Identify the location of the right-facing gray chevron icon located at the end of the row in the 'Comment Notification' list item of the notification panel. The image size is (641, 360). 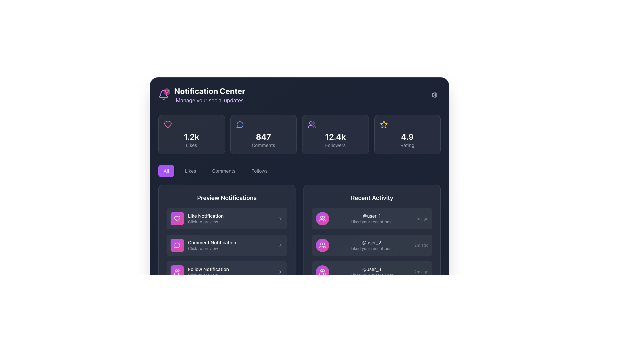
(280, 245).